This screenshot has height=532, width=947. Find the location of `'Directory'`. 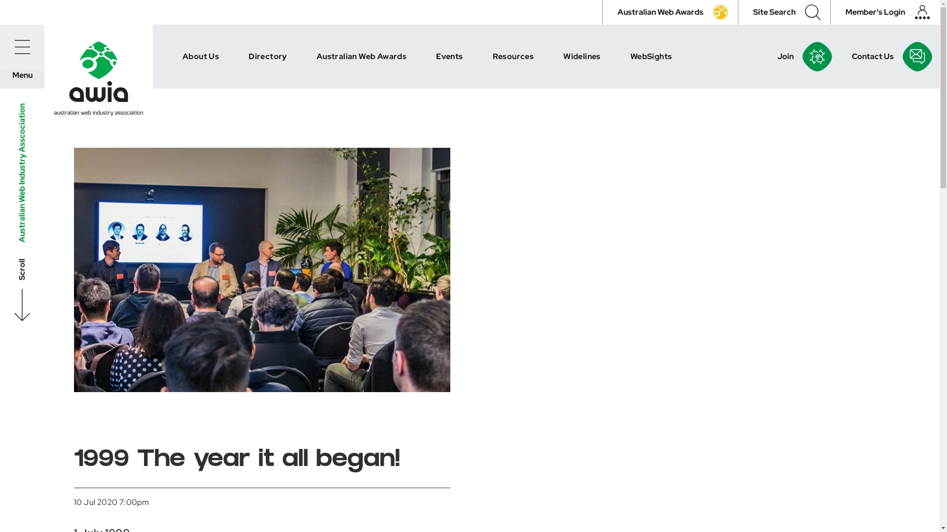

'Directory' is located at coordinates (267, 57).